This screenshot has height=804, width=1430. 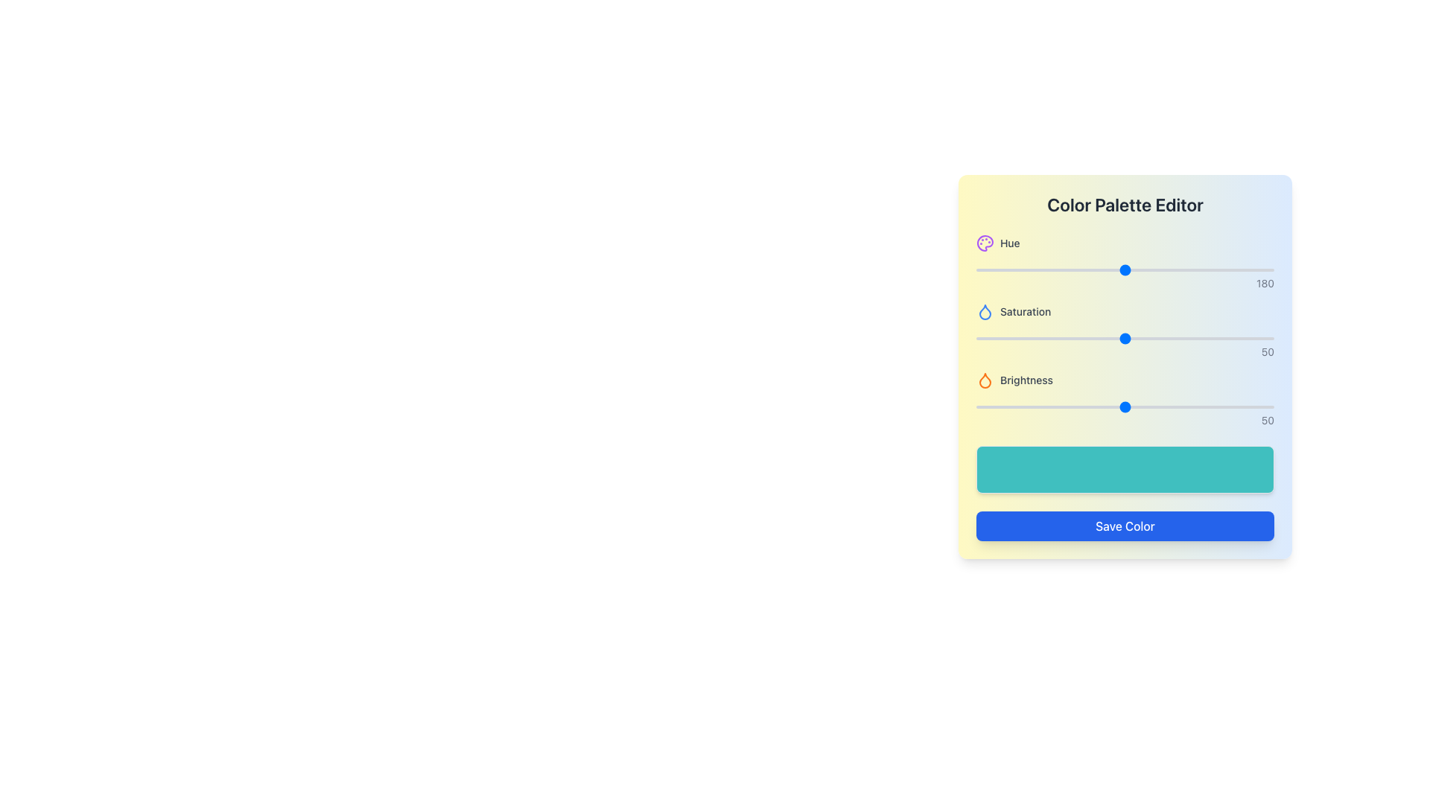 I want to click on the droplet icon with an orange stroke located to the left of the 'Brightness' label, so click(x=985, y=379).